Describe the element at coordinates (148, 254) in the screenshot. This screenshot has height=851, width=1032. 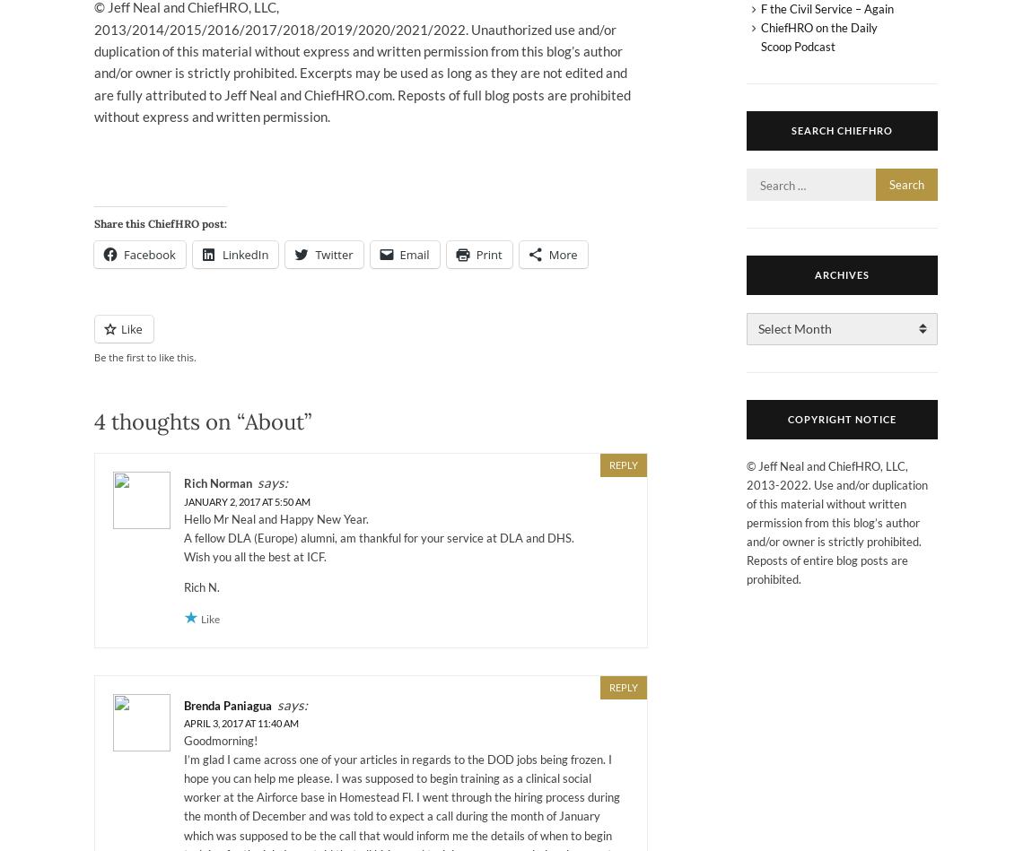
I see `'Facebook'` at that location.